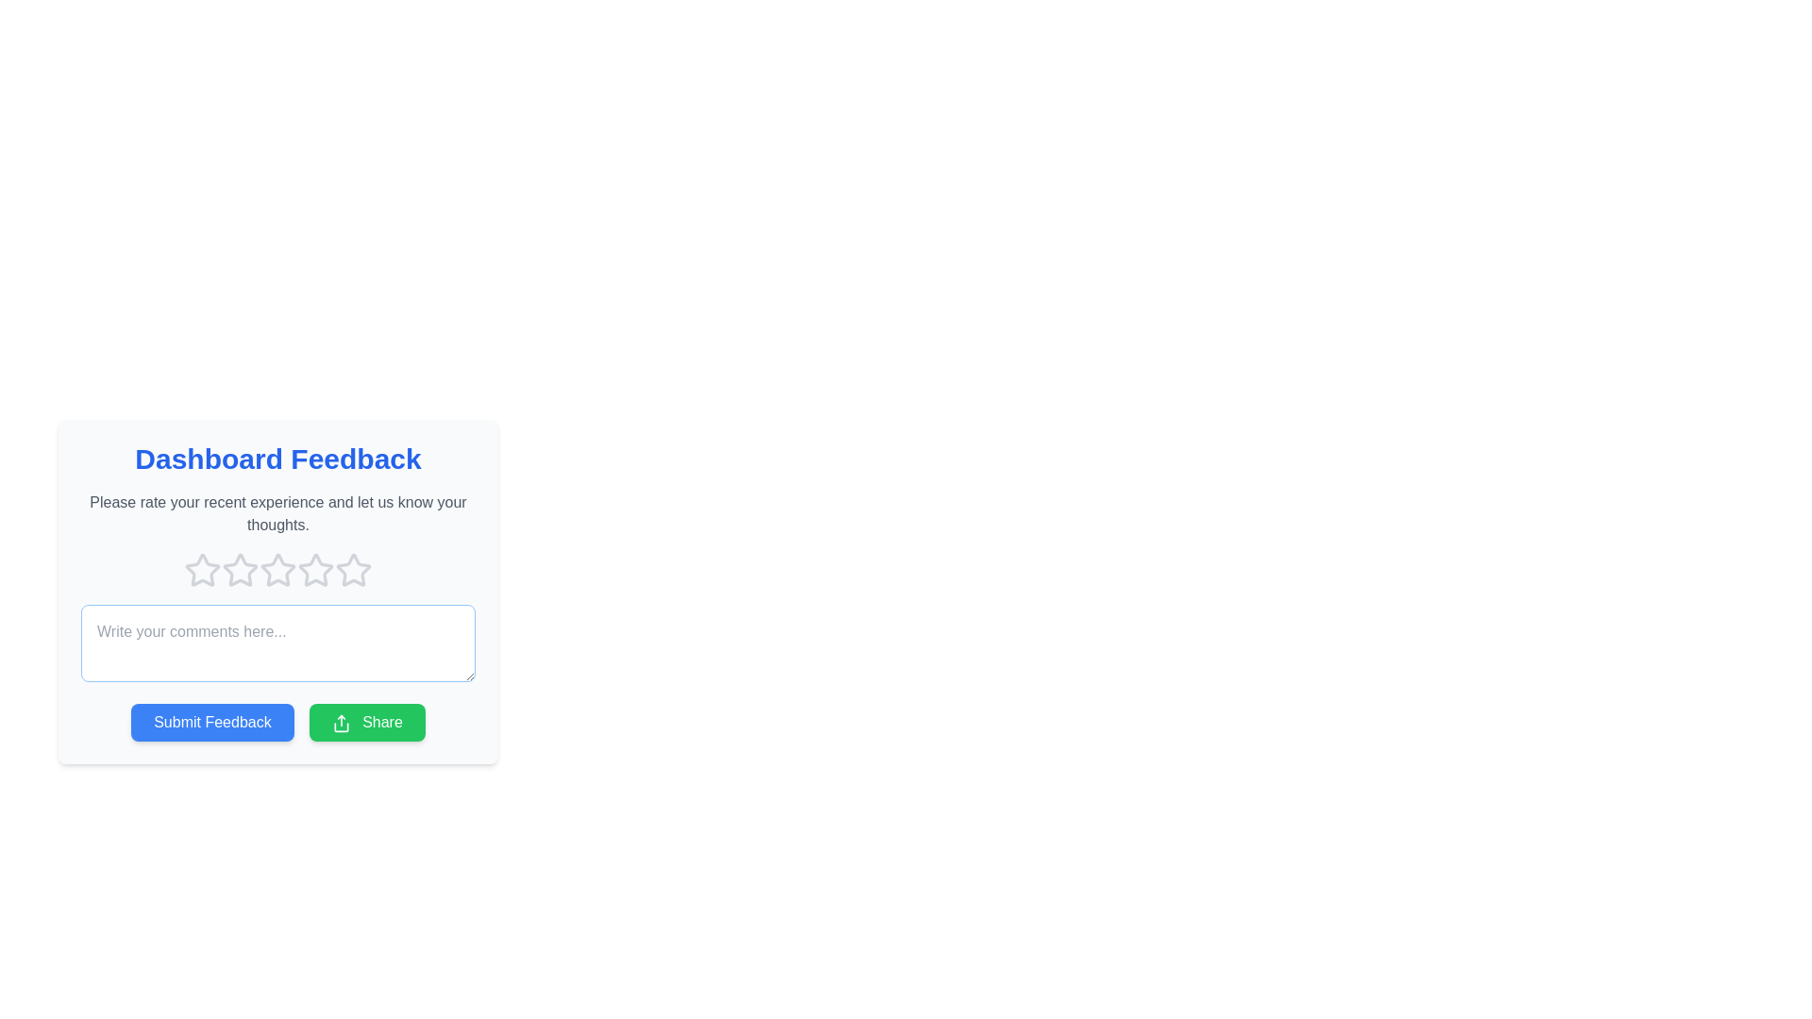 Image resolution: width=1812 pixels, height=1019 pixels. I want to click on the third rating star from the left in the horizontal arrangement of five stars under the 'Dashboard Feedback' header, so click(239, 570).